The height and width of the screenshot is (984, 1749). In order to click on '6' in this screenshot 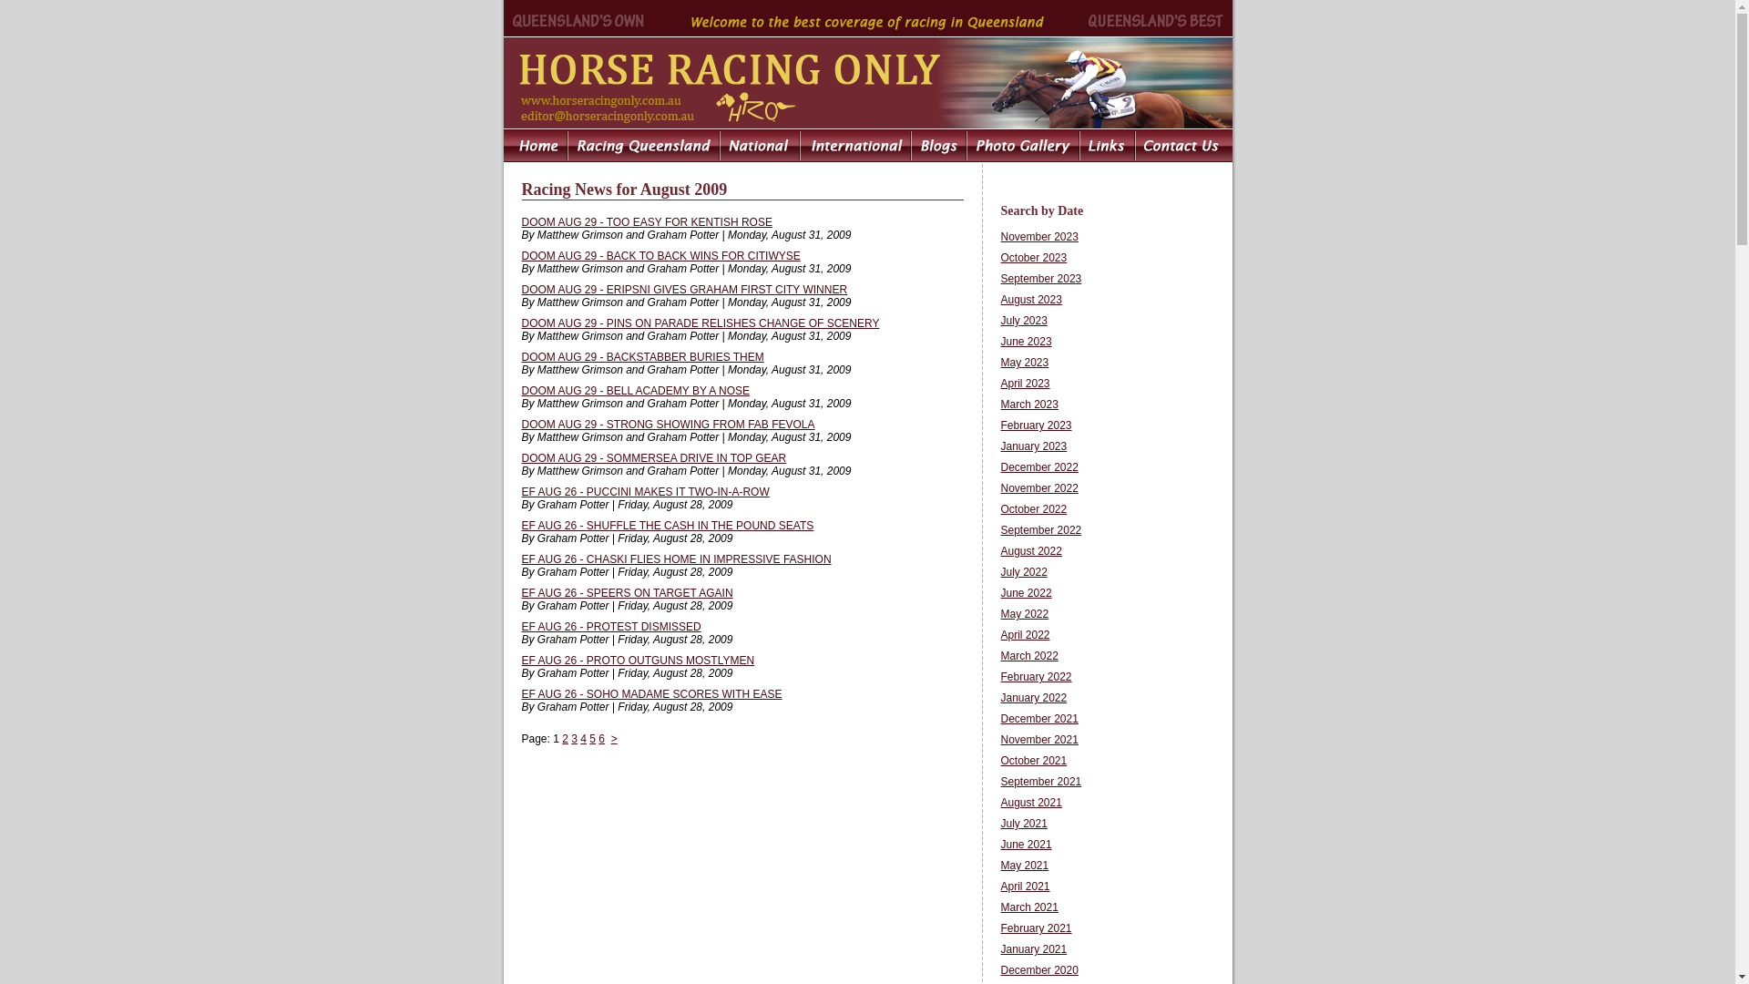, I will do `click(598, 738)`.